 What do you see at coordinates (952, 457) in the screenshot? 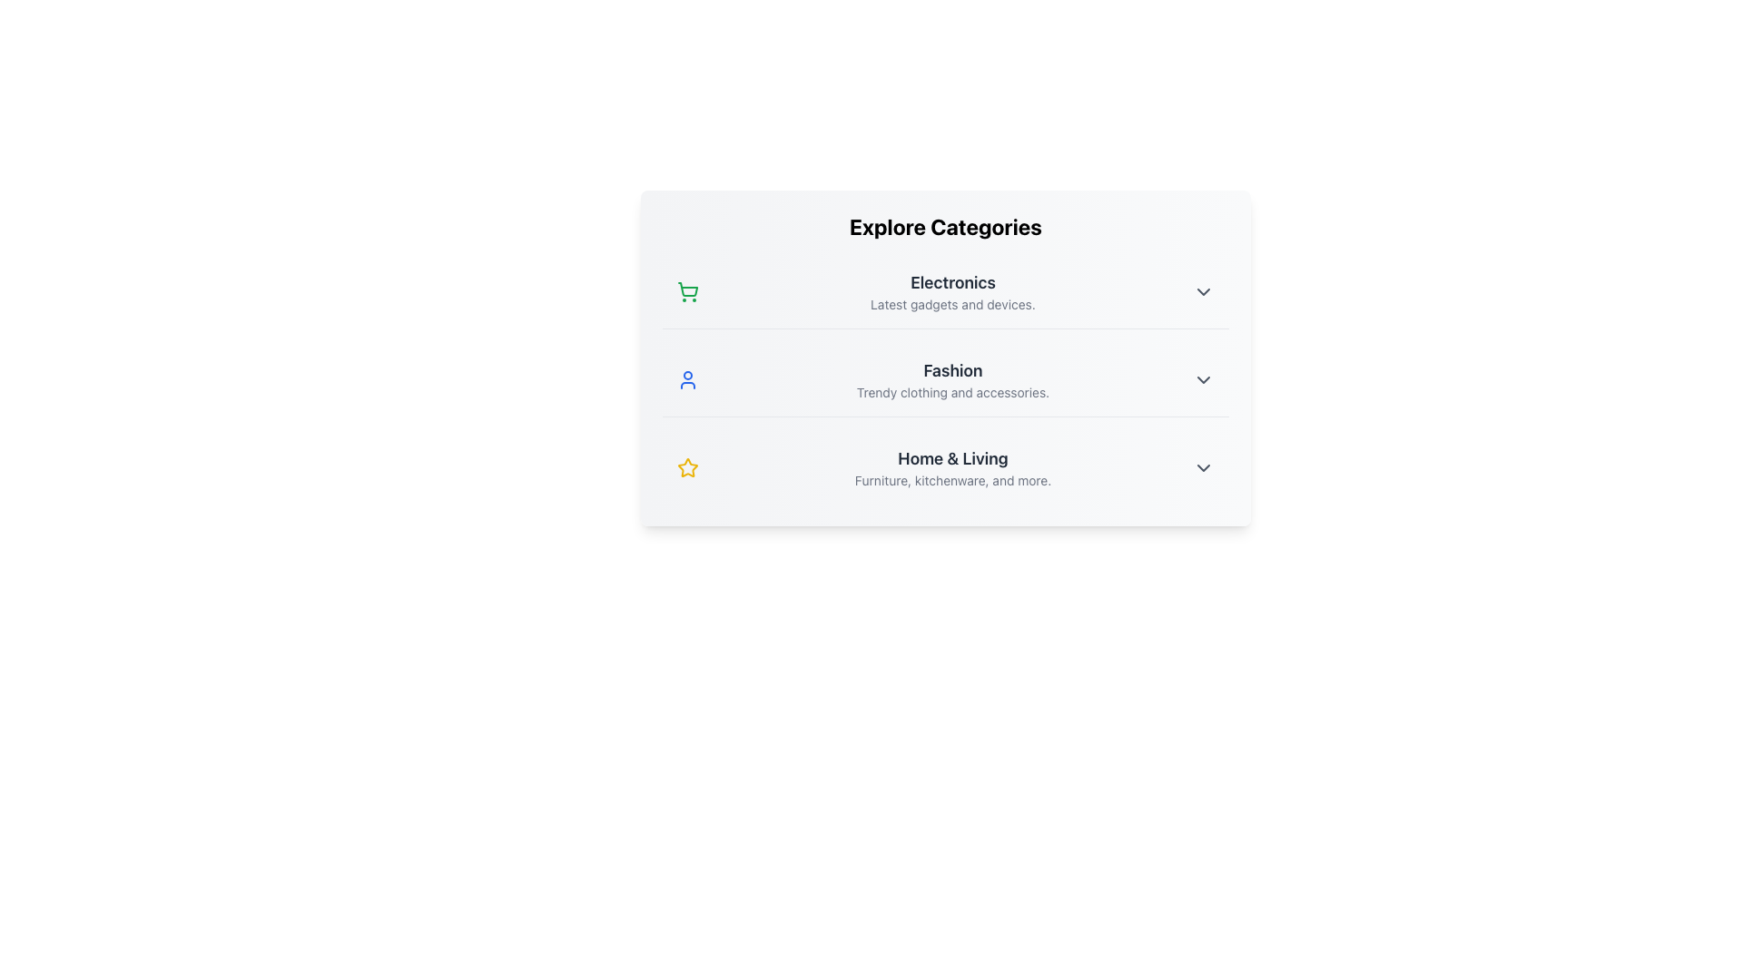
I see `the 'Home & Living' title text label` at bounding box center [952, 457].